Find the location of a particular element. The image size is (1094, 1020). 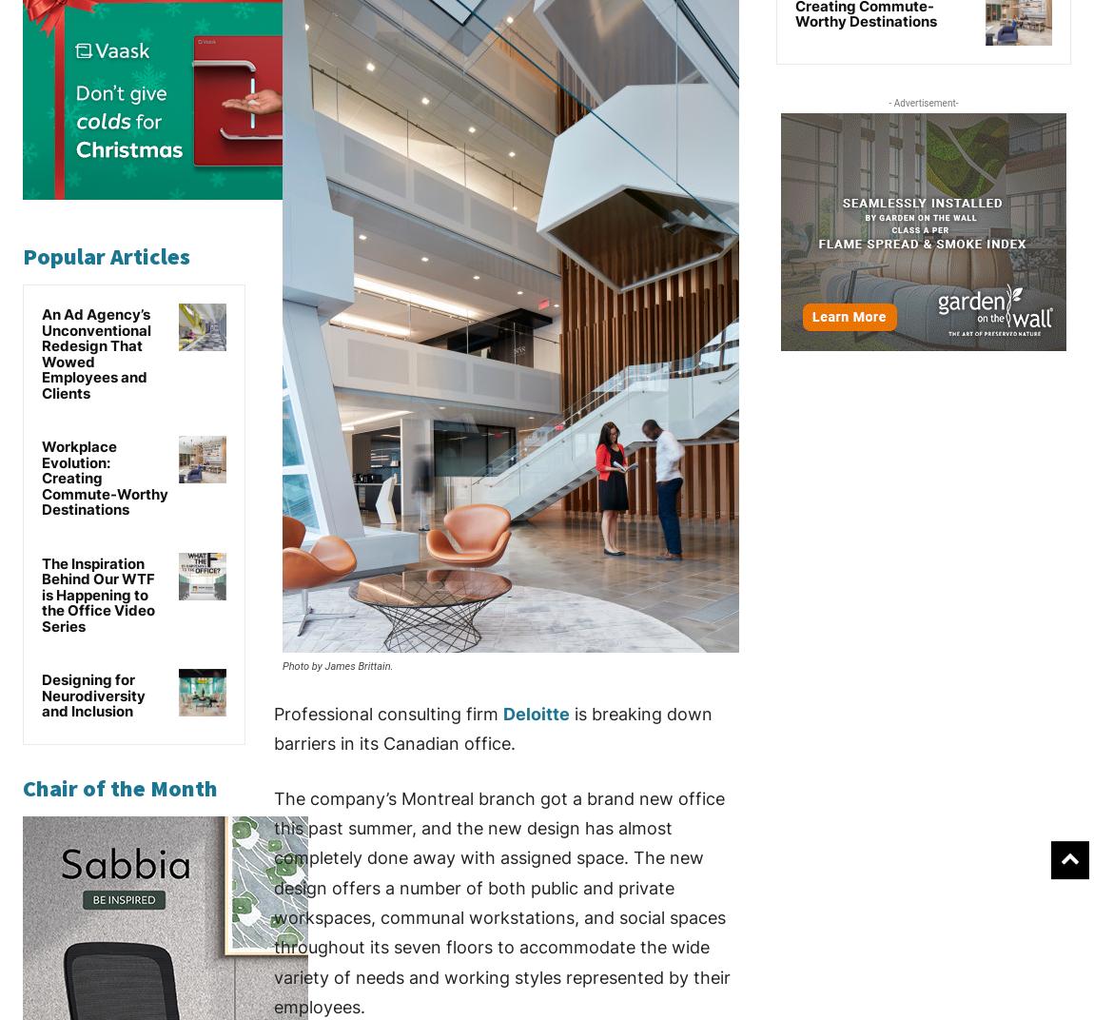

'Designing for Neurodiversity and Inclusion' is located at coordinates (92, 694).